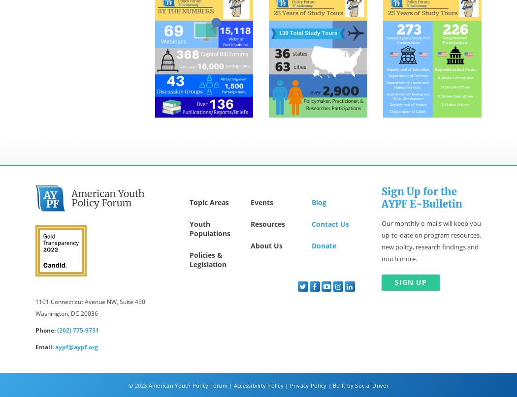  Describe the element at coordinates (431, 241) in the screenshot. I see `'Our monthly e-mails will keep you up-to-date on program resources, new policy, research findings and much more.'` at that location.